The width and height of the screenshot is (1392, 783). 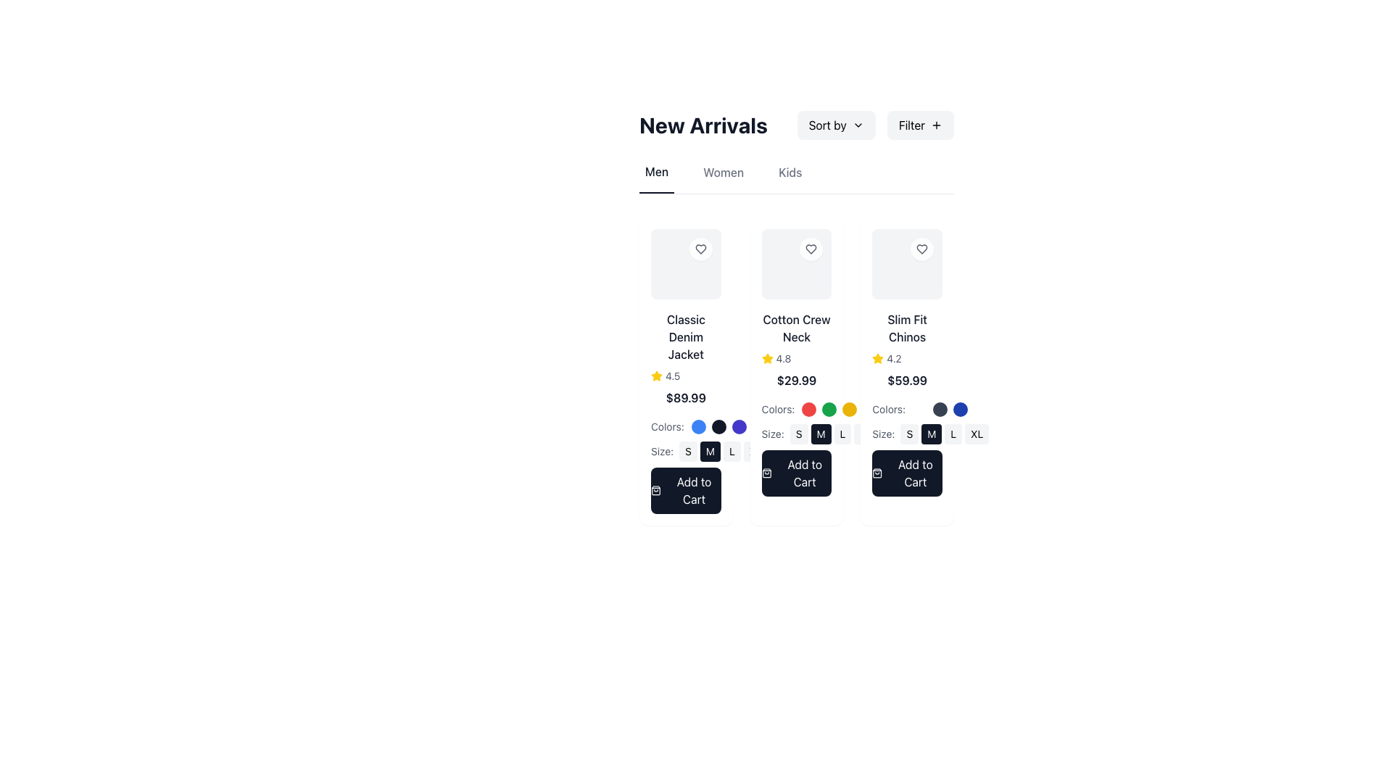 I want to click on the price label displaying the cost of the 'Classic Denim Jacket', which is located below the product title and rating information, and above the color selection options, so click(x=685, y=397).